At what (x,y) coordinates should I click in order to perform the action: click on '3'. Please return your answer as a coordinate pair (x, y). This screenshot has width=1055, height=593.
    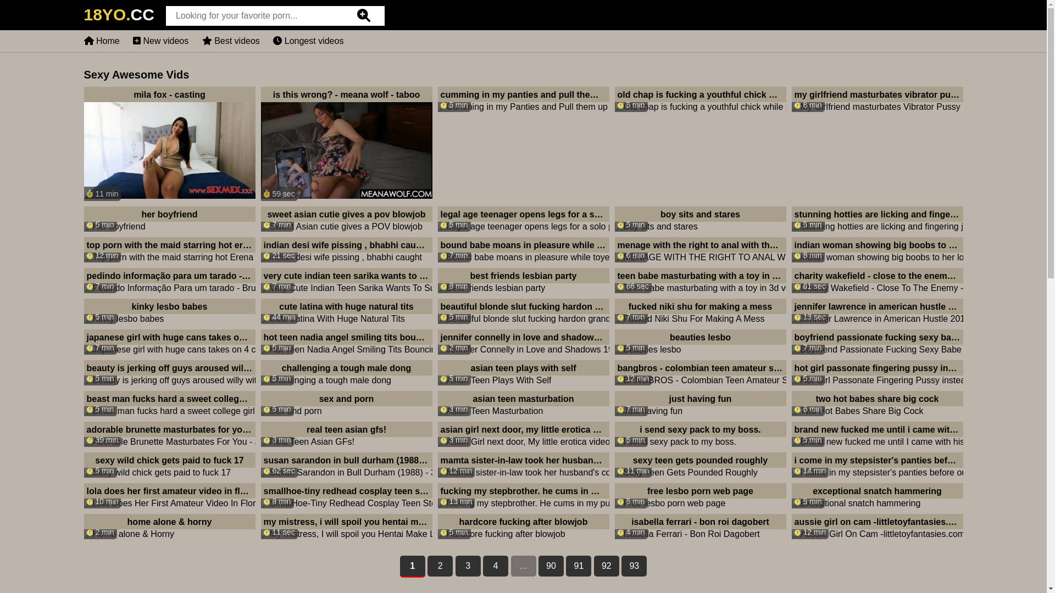
    Looking at the image, I should click on (468, 566).